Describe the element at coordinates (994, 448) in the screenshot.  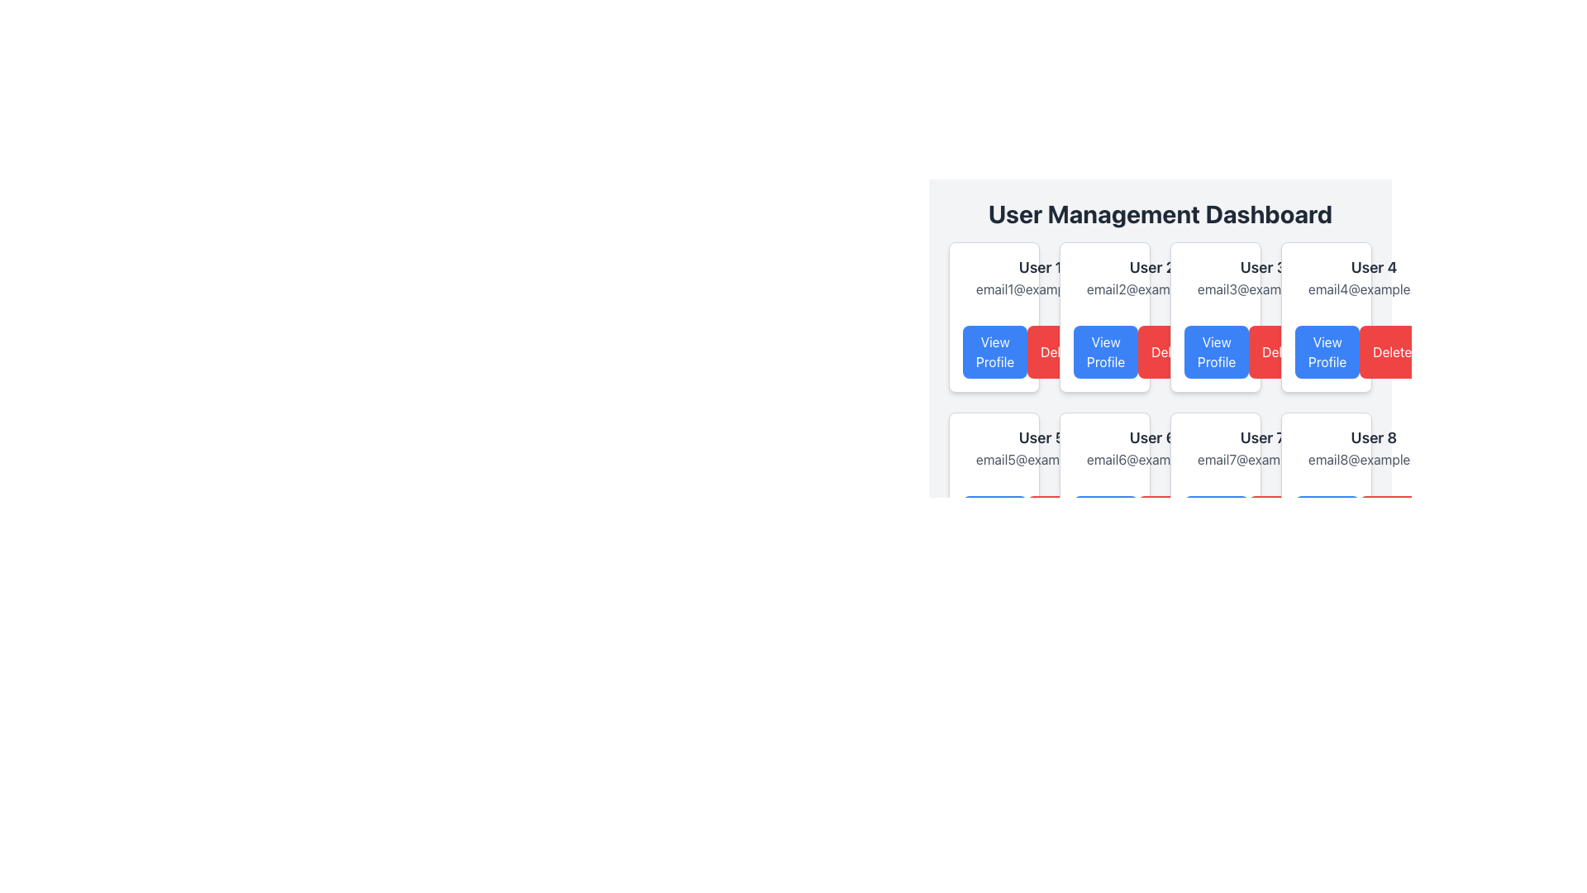
I see `the Text Label displaying 'User 5' and 'email5@example.com' in the second row of user cards in the User Management Dashboard` at that location.